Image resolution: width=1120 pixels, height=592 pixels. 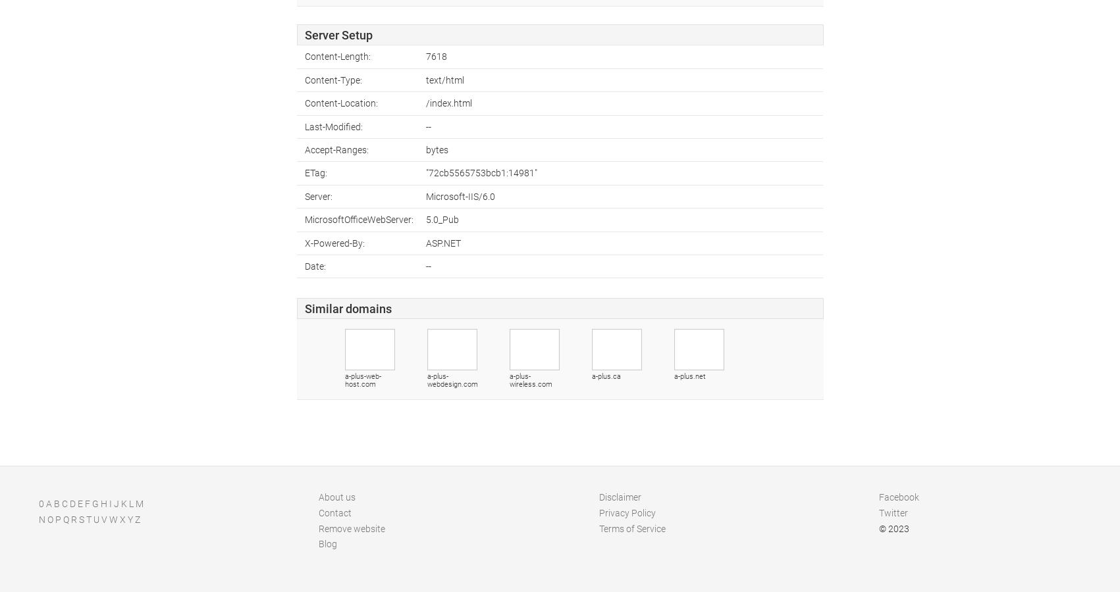 What do you see at coordinates (129, 519) in the screenshot?
I see `'Y'` at bounding box center [129, 519].